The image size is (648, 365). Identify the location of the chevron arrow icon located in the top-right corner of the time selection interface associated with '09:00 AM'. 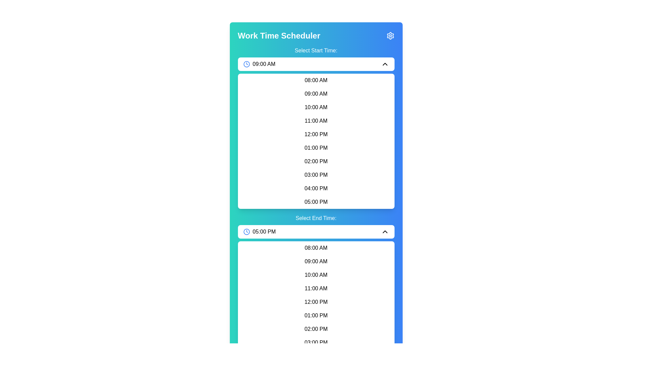
(385, 64).